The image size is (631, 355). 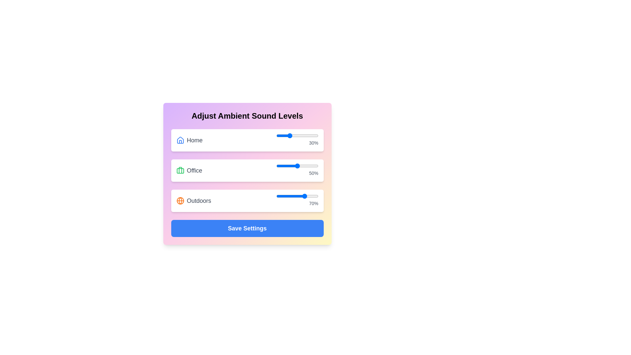 What do you see at coordinates (316, 135) in the screenshot?
I see `the Home sound level slider to 95%` at bounding box center [316, 135].